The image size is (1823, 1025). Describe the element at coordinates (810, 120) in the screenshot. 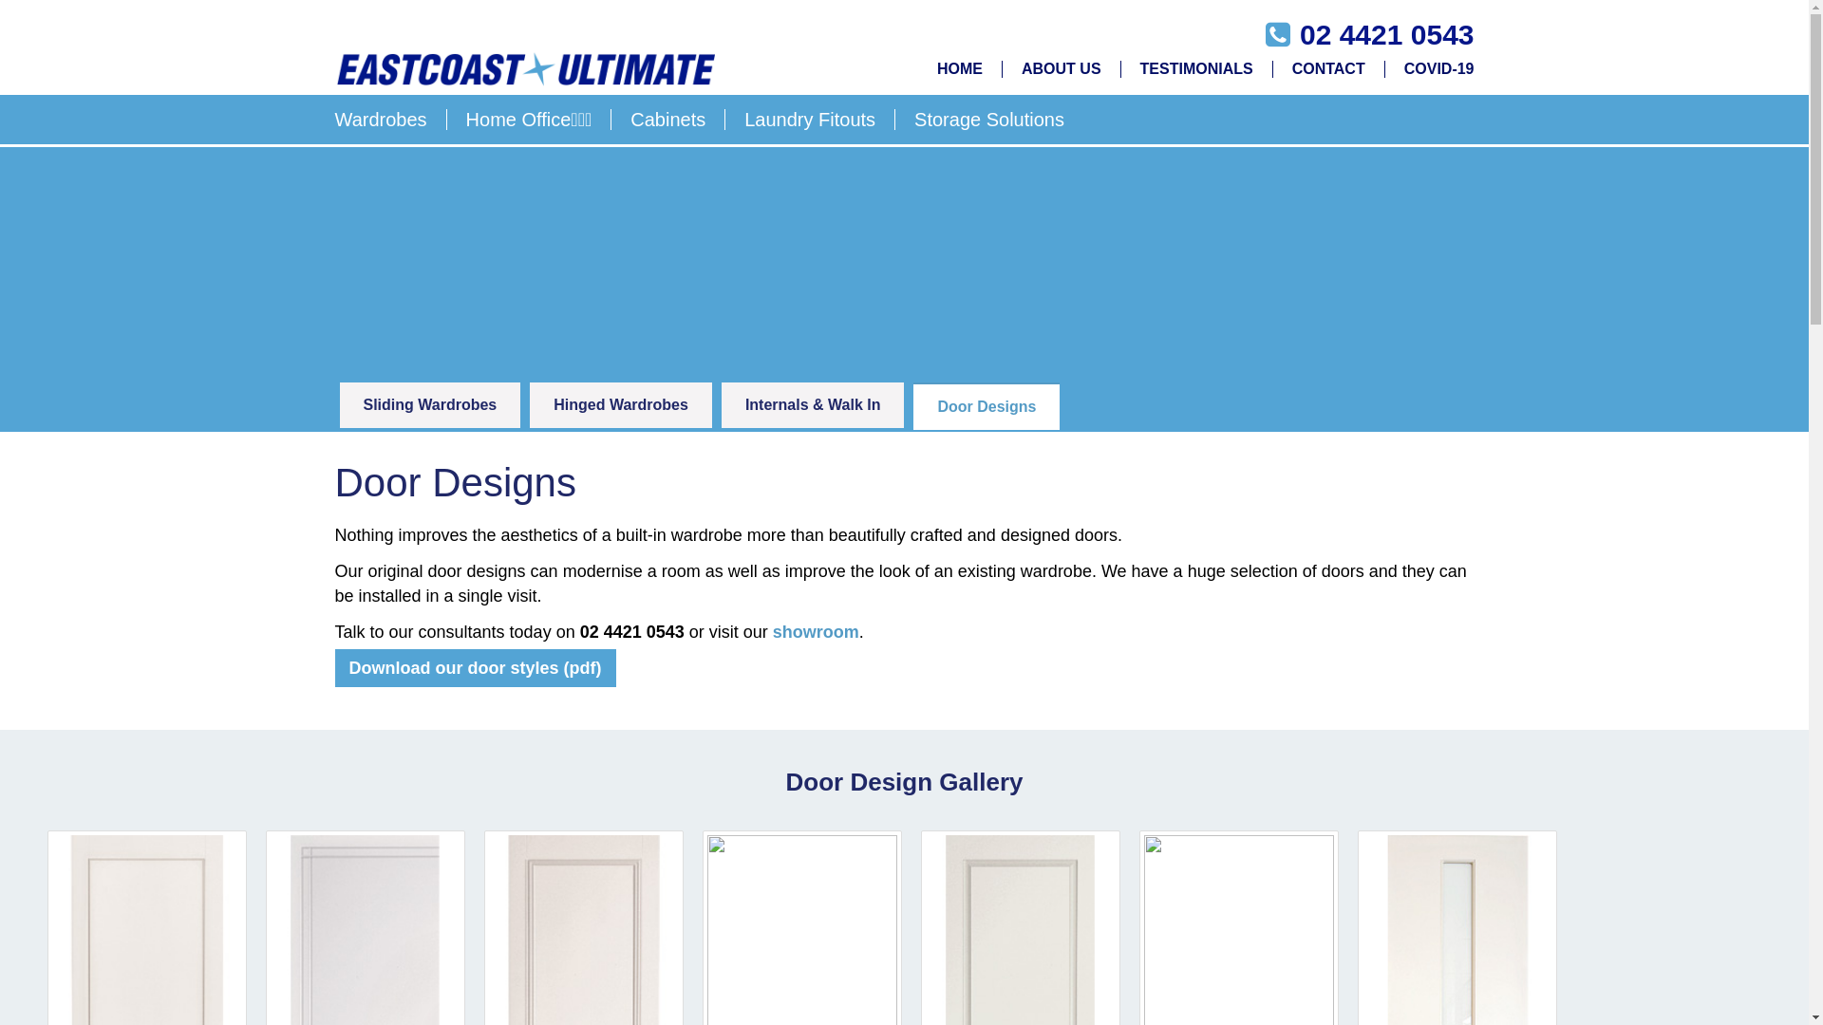

I see `'Laundry Fitouts'` at that location.